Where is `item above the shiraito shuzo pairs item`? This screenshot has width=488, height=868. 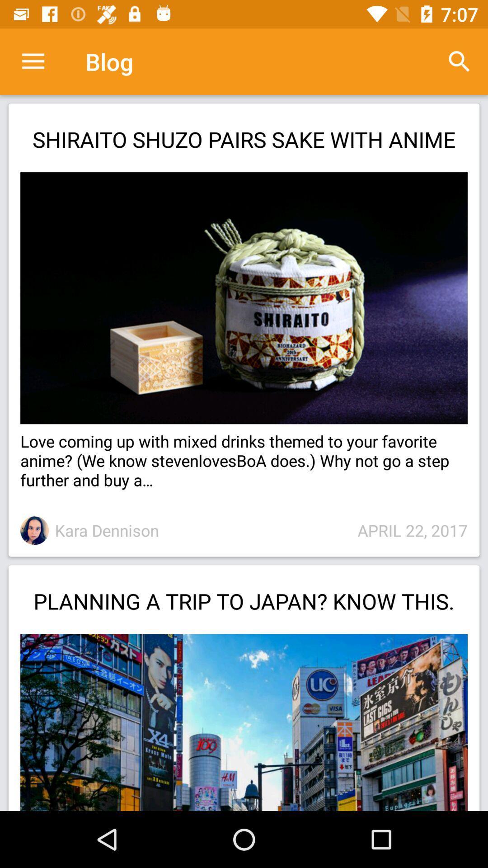
item above the shiraito shuzo pairs item is located at coordinates (33, 61).